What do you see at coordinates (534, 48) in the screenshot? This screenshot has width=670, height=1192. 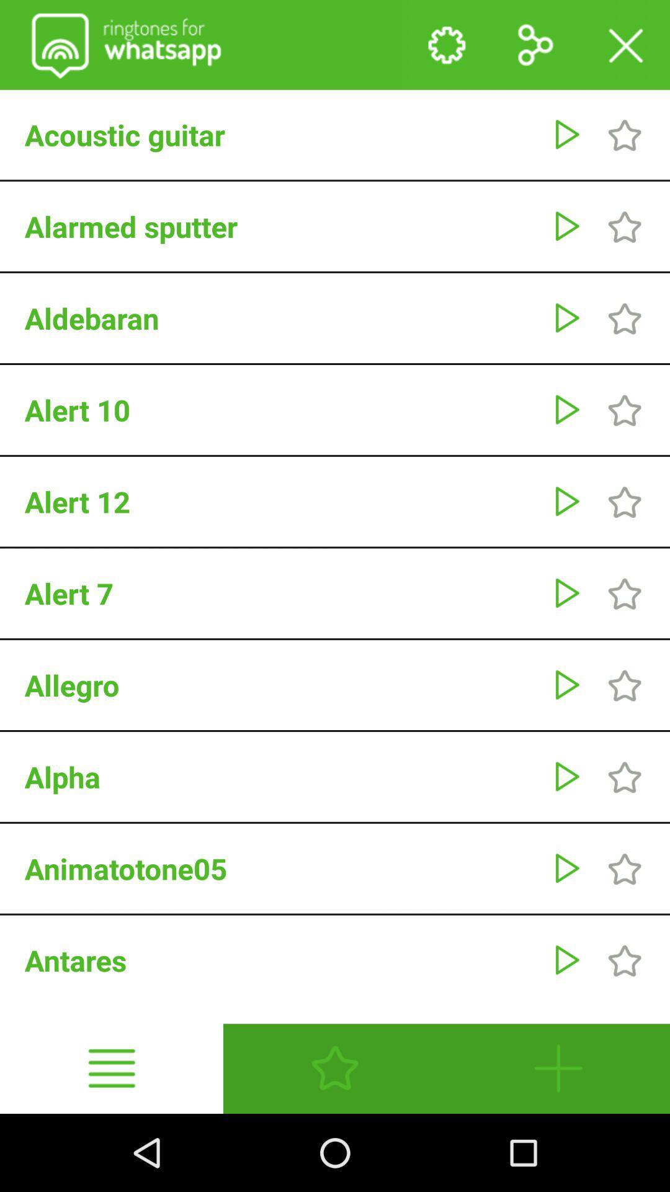 I see `the share icon` at bounding box center [534, 48].